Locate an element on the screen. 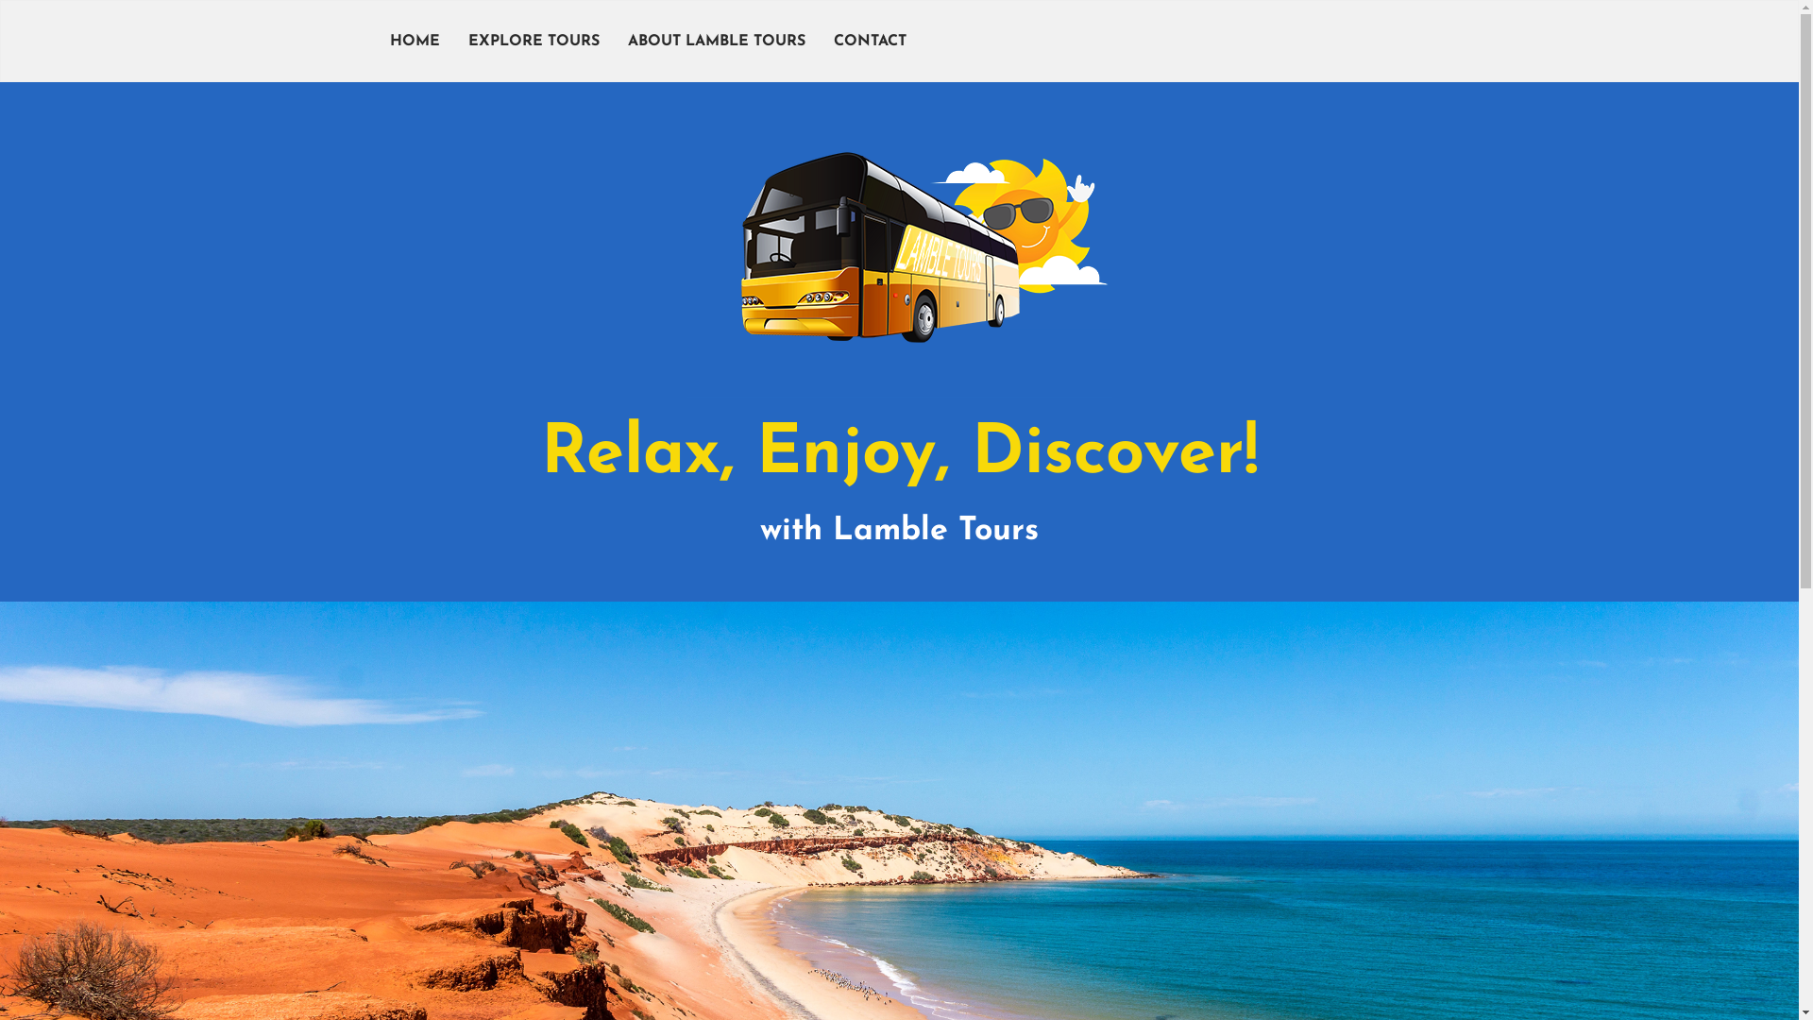  'ABOUT LAMBLE TOURS' is located at coordinates (613, 41).